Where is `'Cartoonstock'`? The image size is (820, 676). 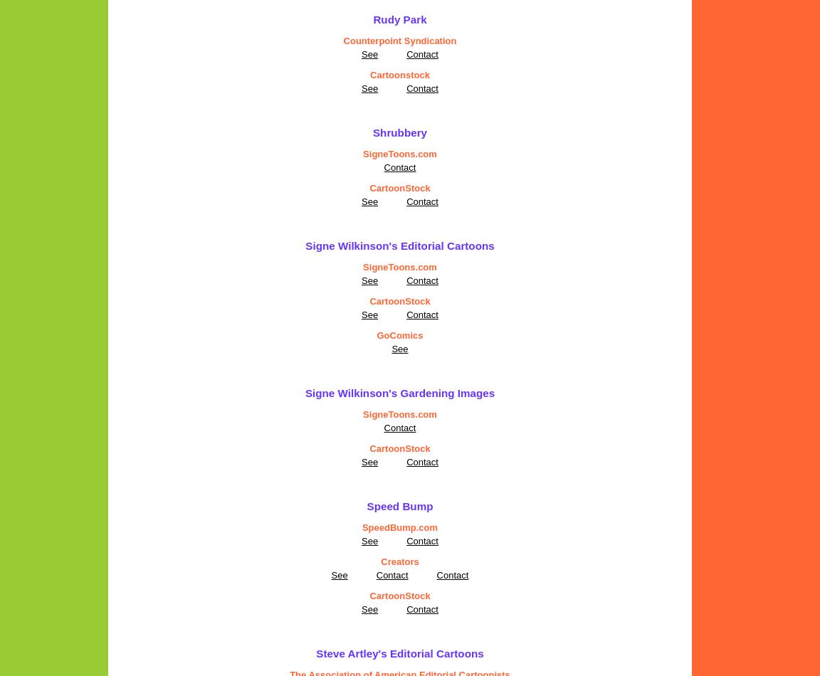
'Cartoonstock' is located at coordinates (399, 75).